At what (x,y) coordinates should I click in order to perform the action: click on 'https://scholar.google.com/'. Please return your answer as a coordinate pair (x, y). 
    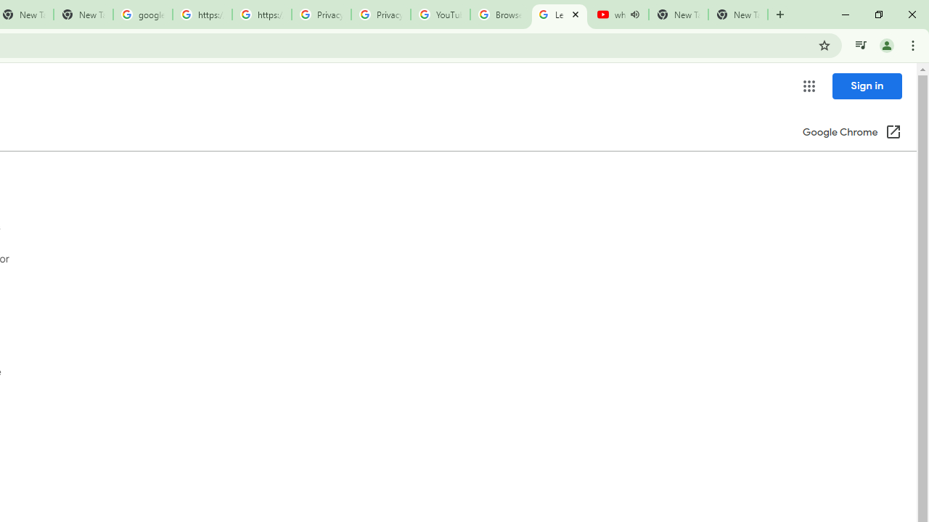
    Looking at the image, I should click on (202, 14).